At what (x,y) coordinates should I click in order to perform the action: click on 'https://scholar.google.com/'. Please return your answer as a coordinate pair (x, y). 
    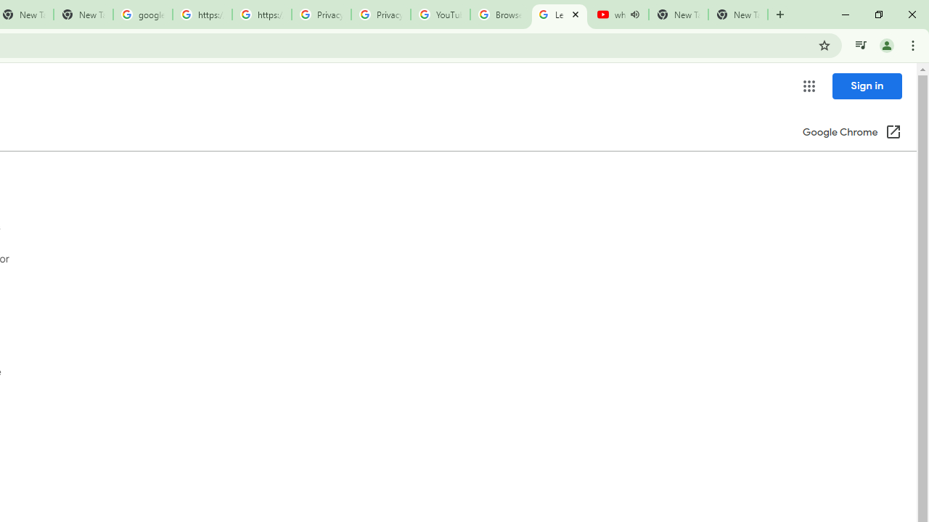
    Looking at the image, I should click on (202, 14).